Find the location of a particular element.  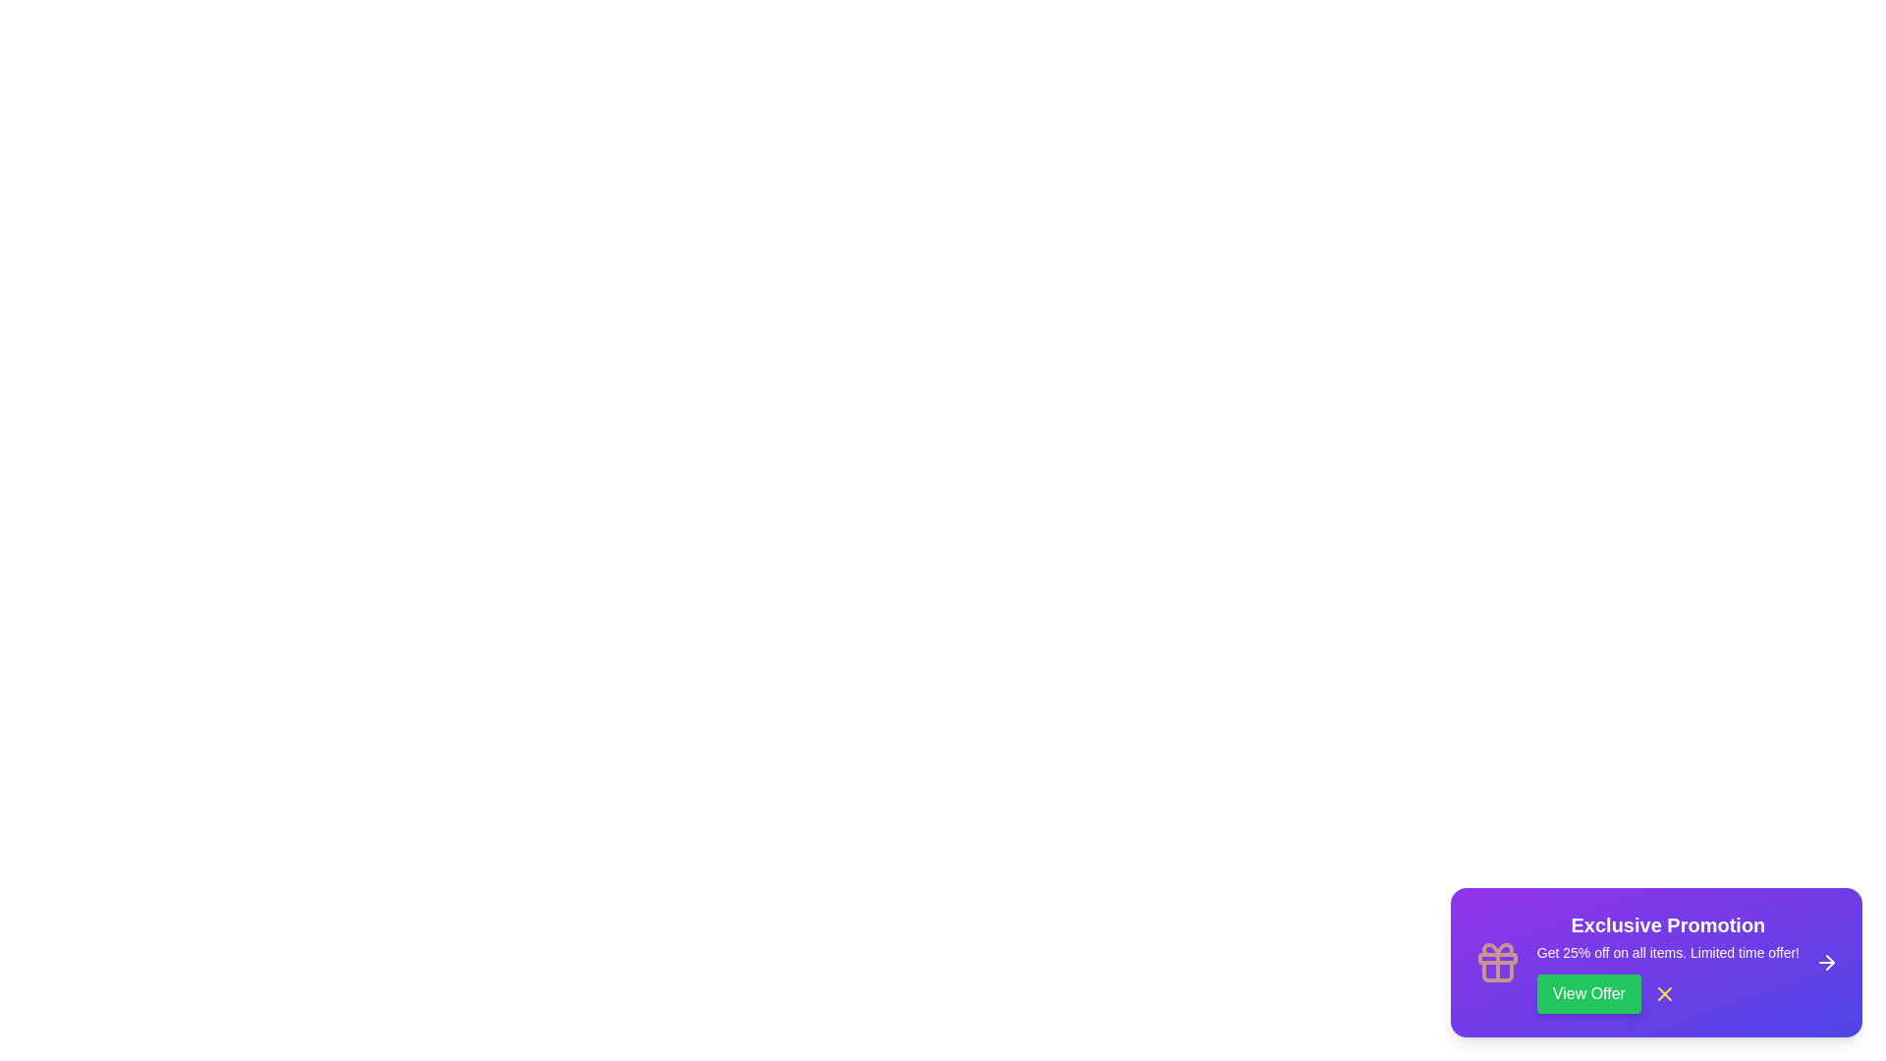

the 'View Offer' button to access the promotion is located at coordinates (1588, 993).